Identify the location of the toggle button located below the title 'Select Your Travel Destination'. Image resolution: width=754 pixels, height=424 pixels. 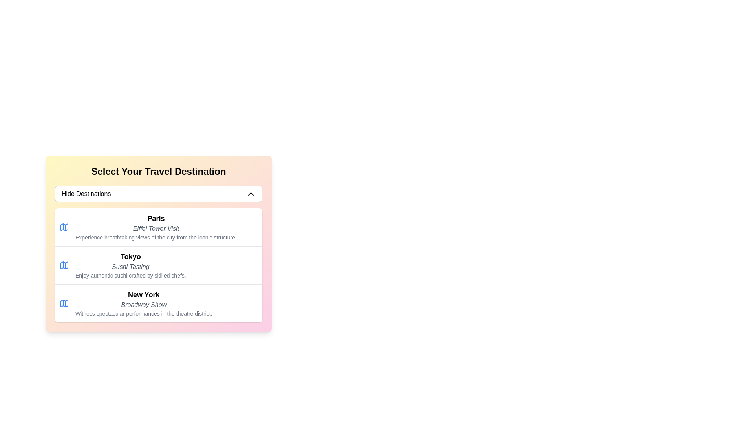
(158, 194).